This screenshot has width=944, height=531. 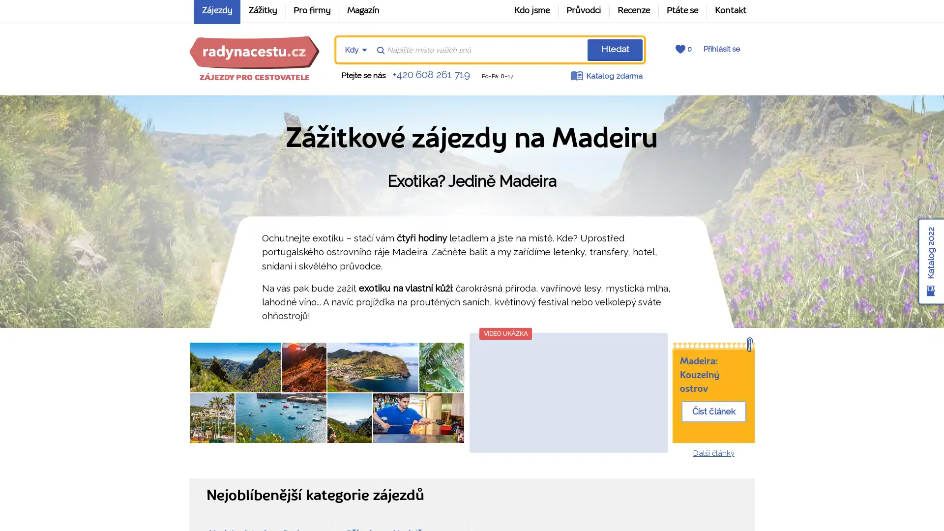 I want to click on Hledat, so click(x=614, y=50).